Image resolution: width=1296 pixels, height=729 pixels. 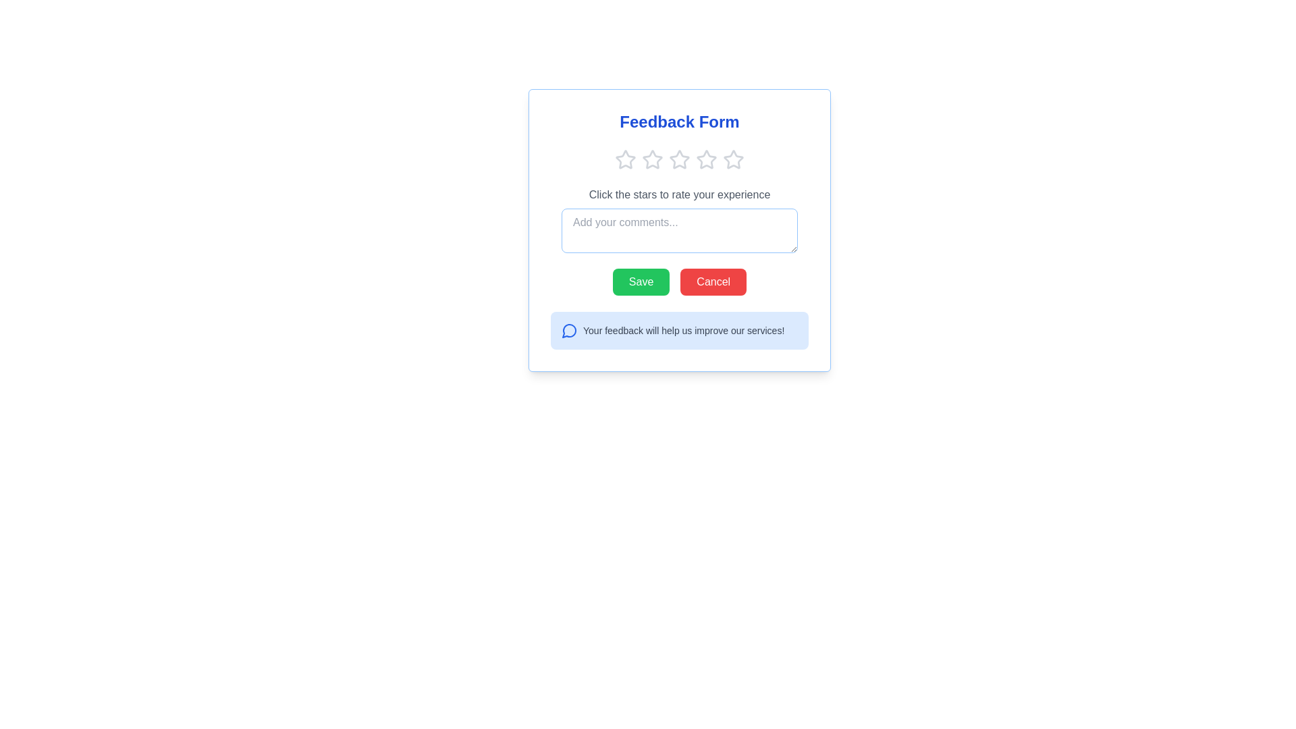 I want to click on the first star-shaped icon in the rating component for the 'Feedback Form' to provide feedback on interaction, so click(x=624, y=159).